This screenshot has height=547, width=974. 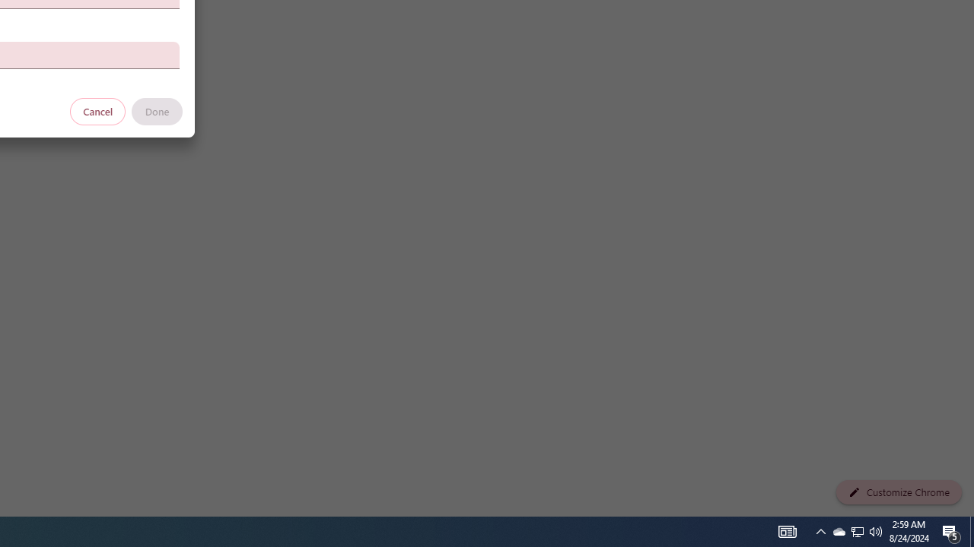 I want to click on 'Done', so click(x=157, y=110).